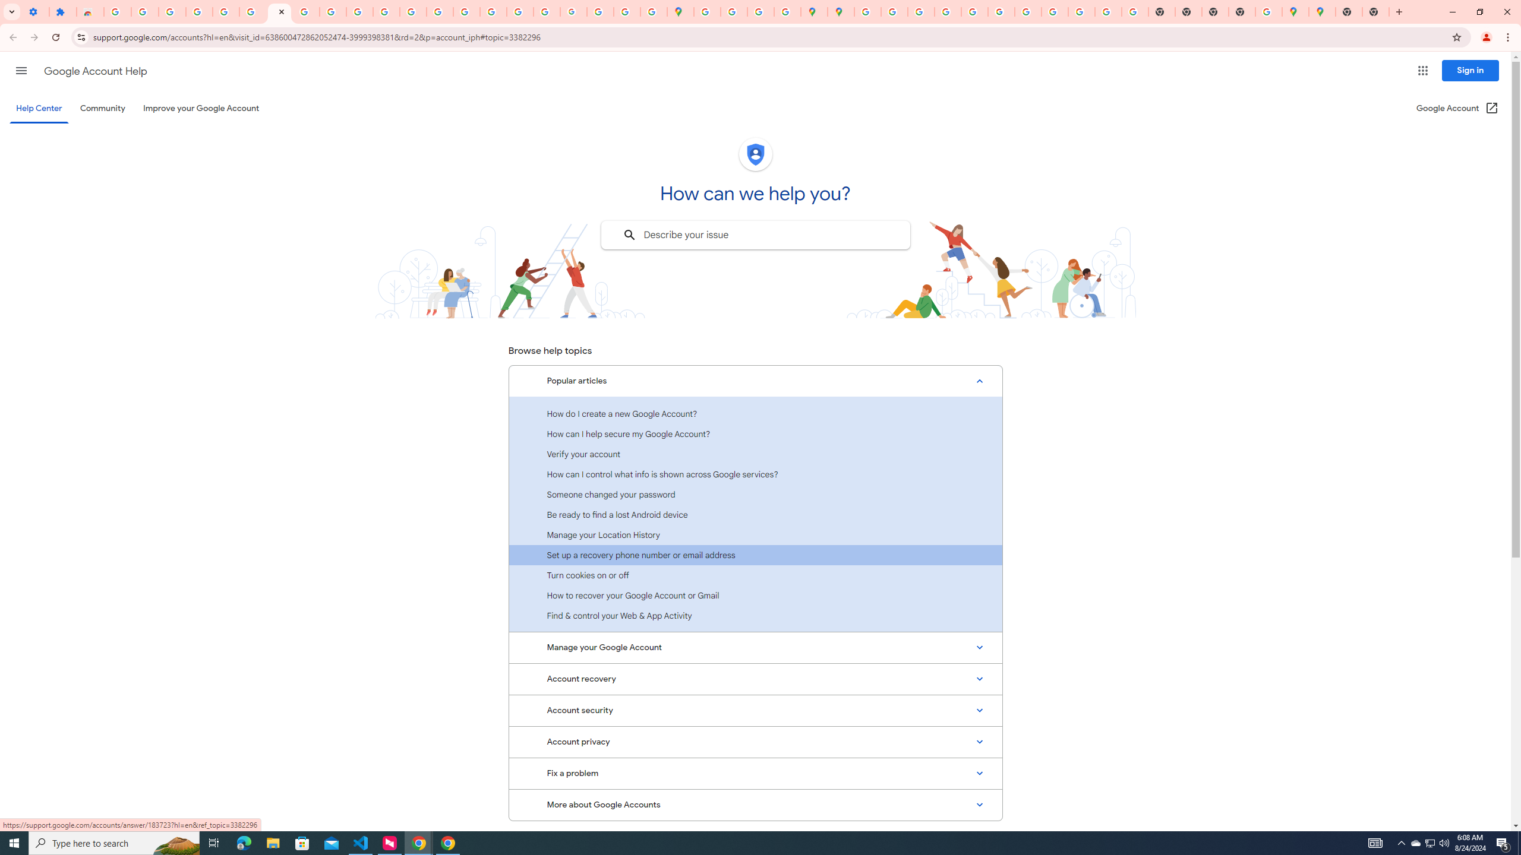 The height and width of the screenshot is (855, 1521). Describe the element at coordinates (1375, 11) in the screenshot. I see `'New Tab'` at that location.